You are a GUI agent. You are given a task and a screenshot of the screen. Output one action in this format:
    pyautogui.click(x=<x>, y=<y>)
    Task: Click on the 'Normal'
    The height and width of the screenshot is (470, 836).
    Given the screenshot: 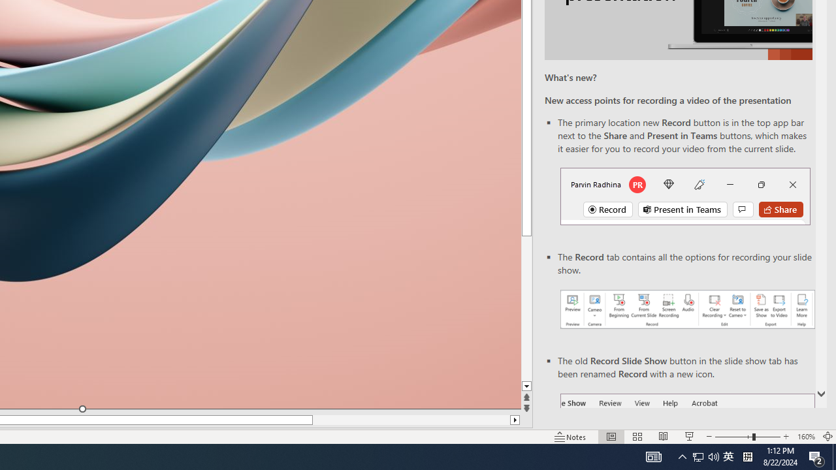 What is the action you would take?
    pyautogui.click(x=611, y=437)
    